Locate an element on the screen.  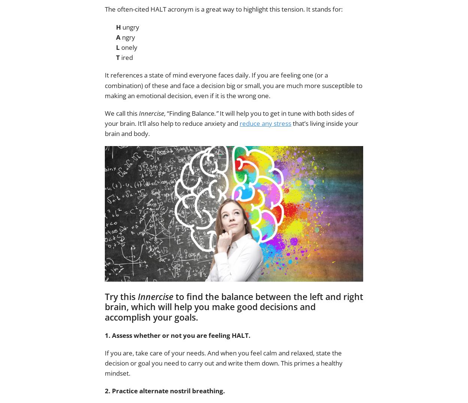
'ungry' is located at coordinates (130, 27).